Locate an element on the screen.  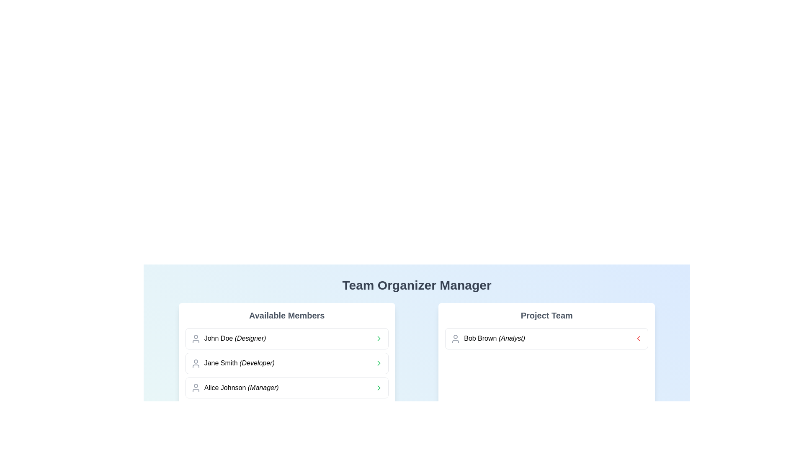
the Chevron icon button located at the far-right end of the row labeled 'Alice Johnson (Manager)' under the 'Available Members' section to change its color to a darker shade of green is located at coordinates (378, 388).